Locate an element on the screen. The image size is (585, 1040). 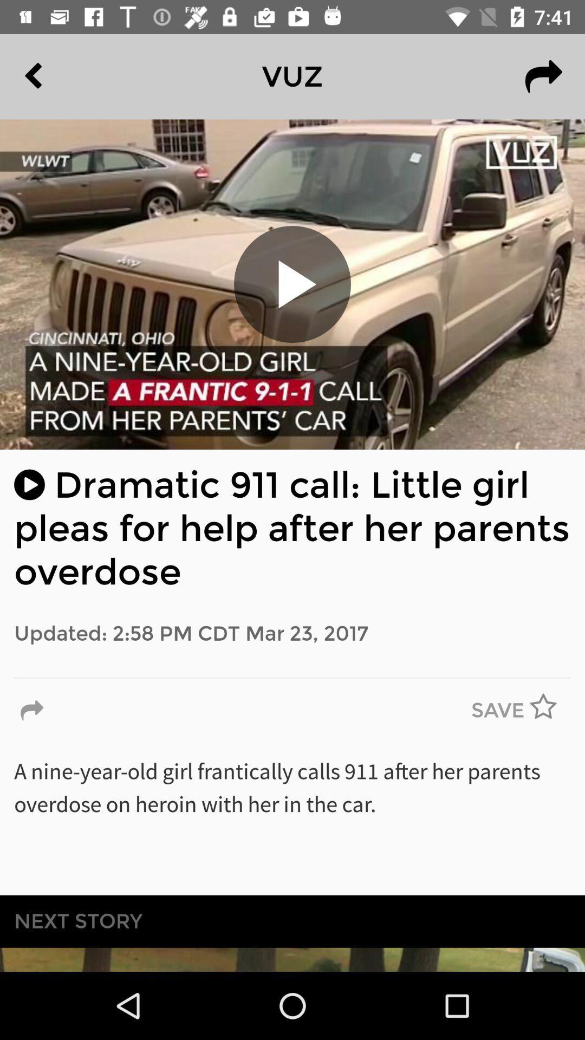
the icon above updated 2 58 icon is located at coordinates (292, 529).